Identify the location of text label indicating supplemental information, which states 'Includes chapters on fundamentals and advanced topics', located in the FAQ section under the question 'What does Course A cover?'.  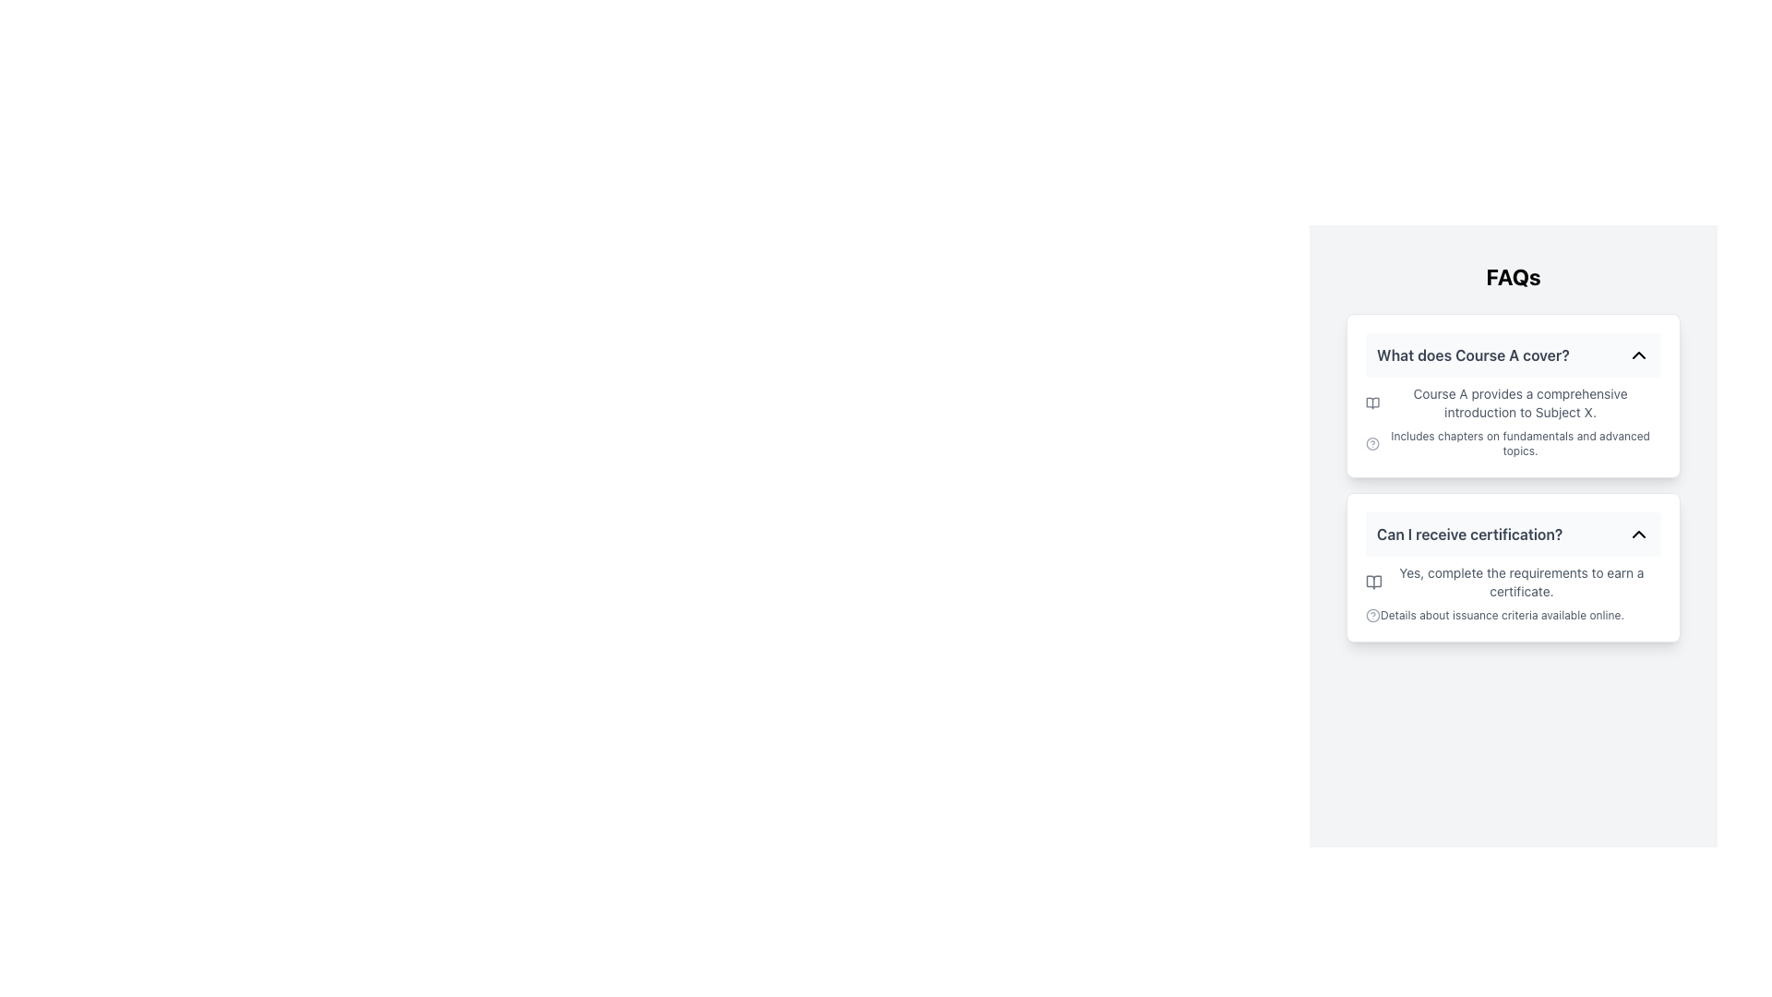
(1514, 444).